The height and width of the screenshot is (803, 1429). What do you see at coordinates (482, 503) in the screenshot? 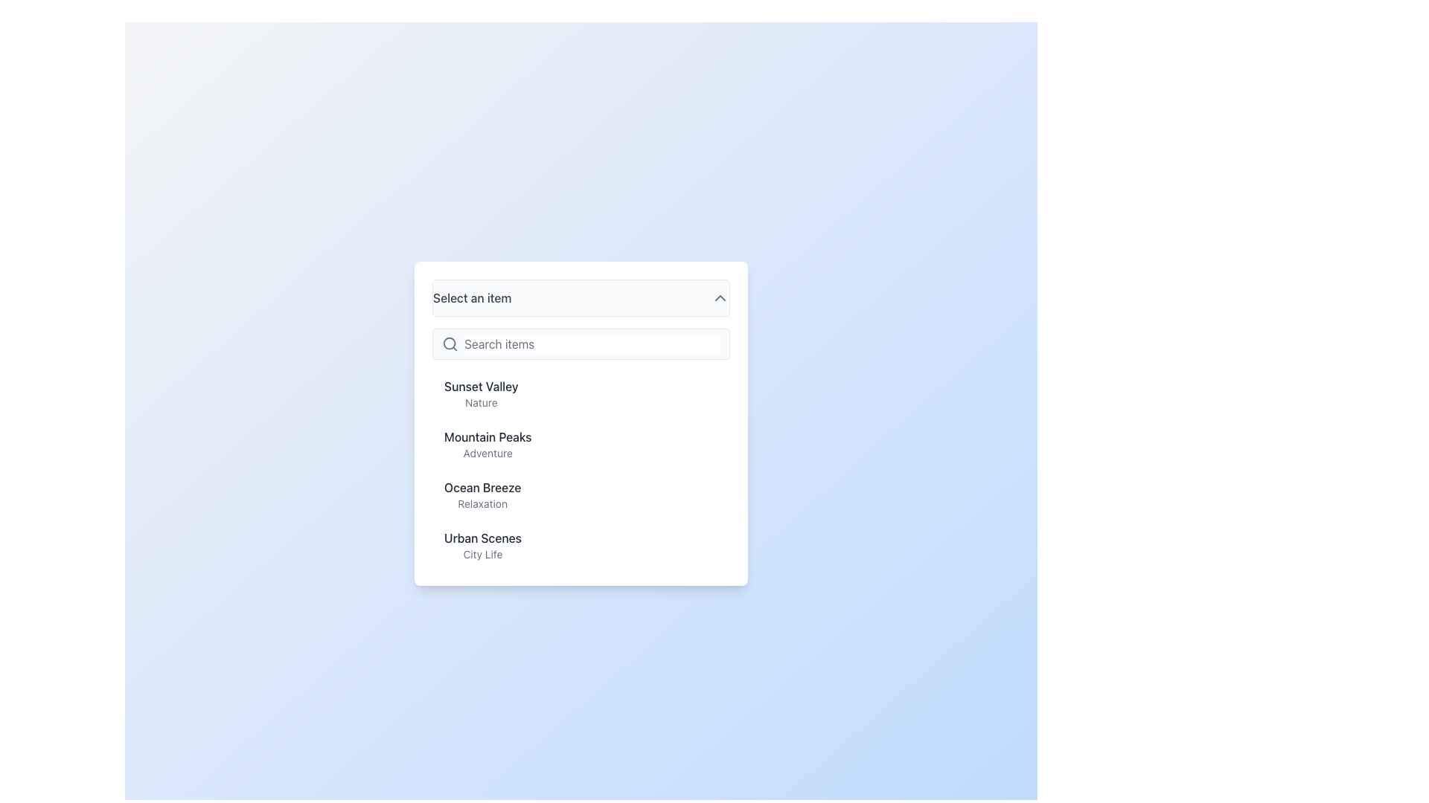
I see `the Text Label that categorizes the title 'Ocean Breeze', specifically the label 'Relaxation', located immediately beneath it in the dropdown menu` at bounding box center [482, 503].